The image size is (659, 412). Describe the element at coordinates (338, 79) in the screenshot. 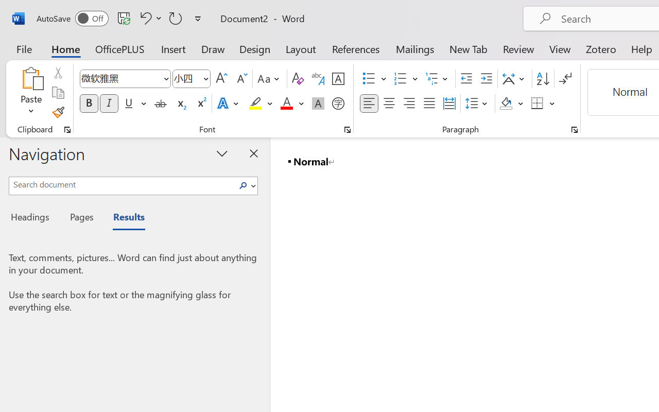

I see `'Character Border'` at that location.